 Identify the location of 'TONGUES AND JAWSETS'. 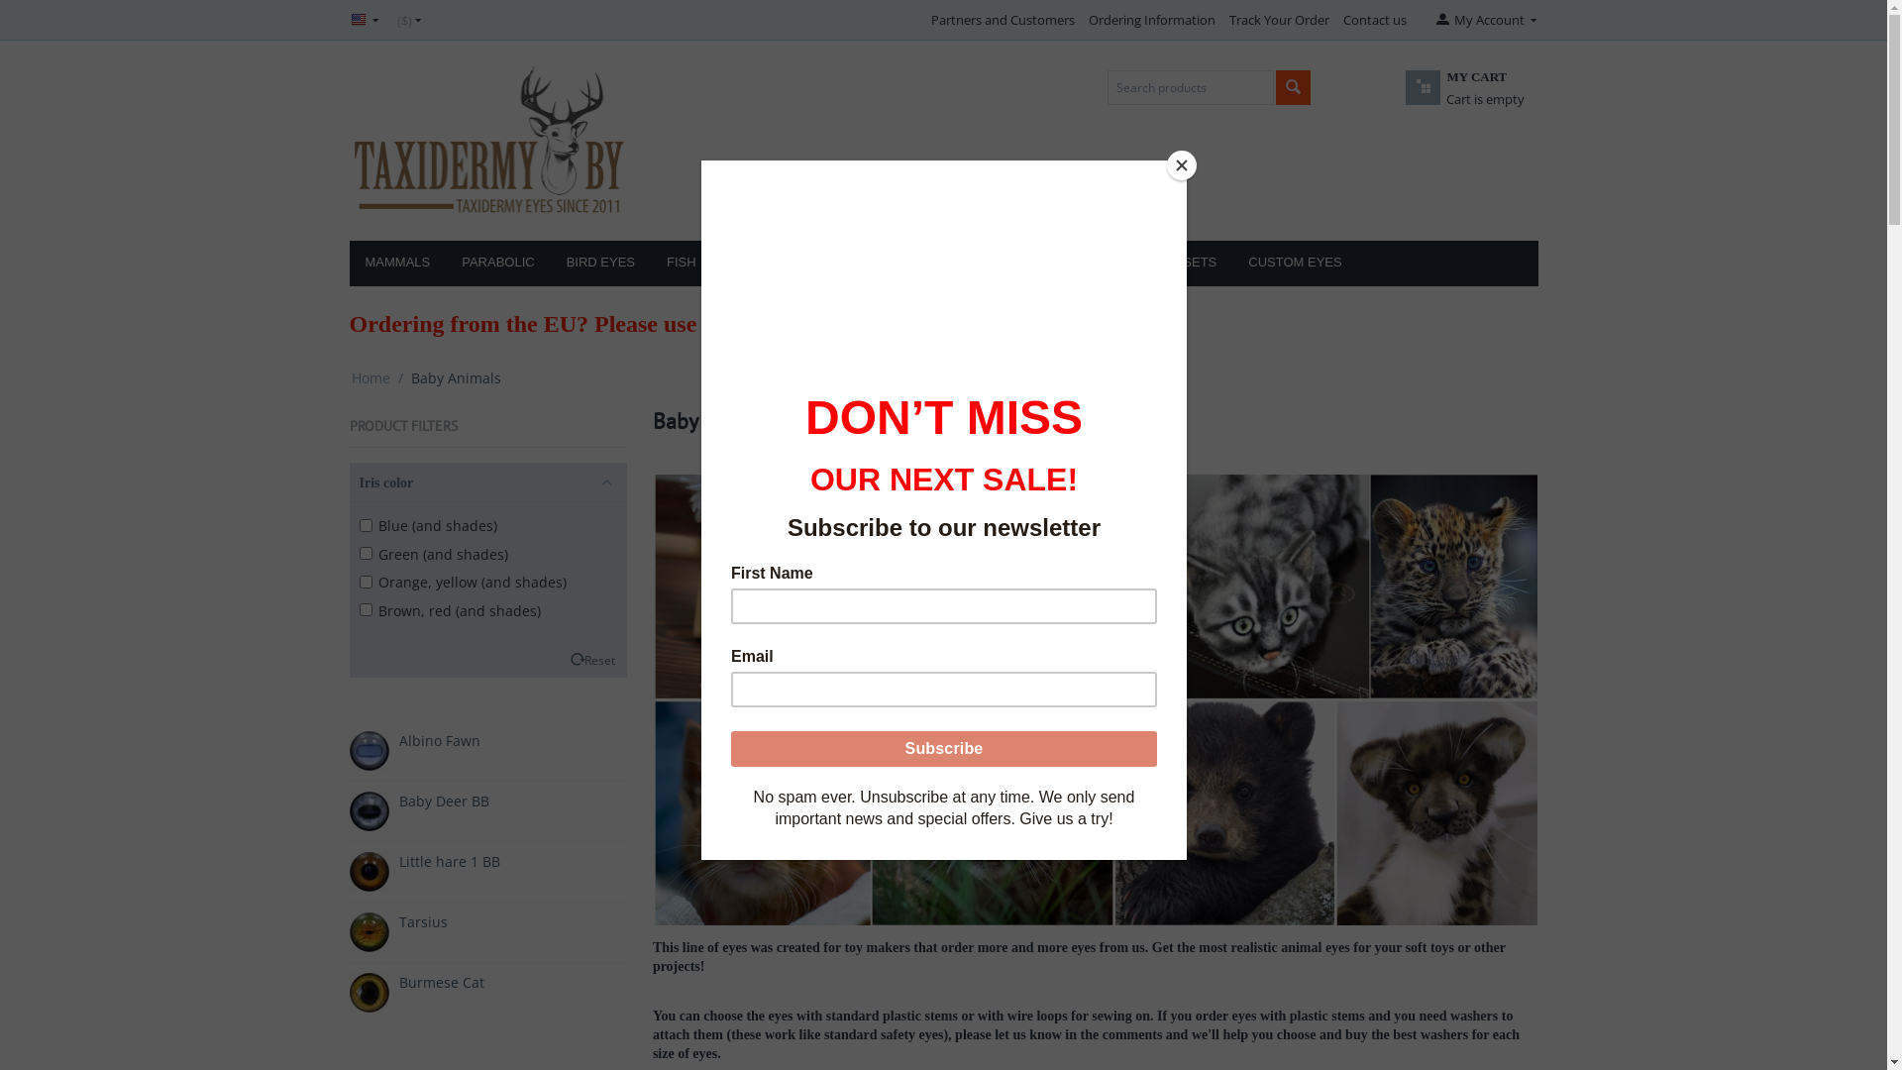
(1137, 263).